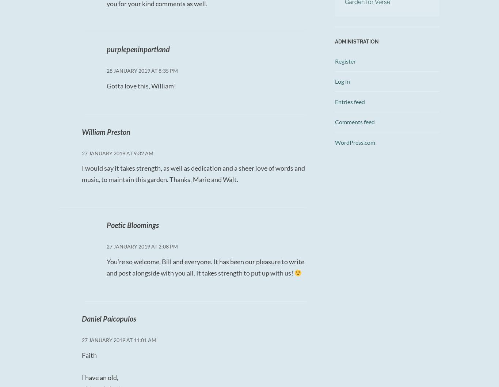  Describe the element at coordinates (335, 61) in the screenshot. I see `'Register'` at that location.